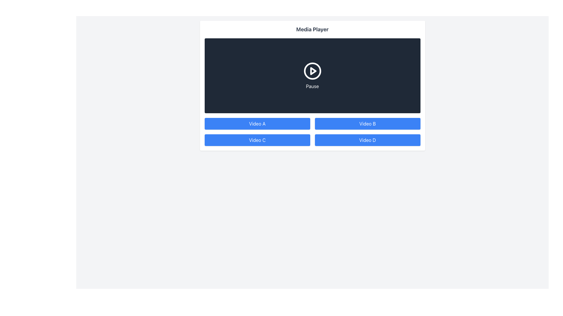 The image size is (563, 316). I want to click on the button labeled 'Video B', so click(367, 123).